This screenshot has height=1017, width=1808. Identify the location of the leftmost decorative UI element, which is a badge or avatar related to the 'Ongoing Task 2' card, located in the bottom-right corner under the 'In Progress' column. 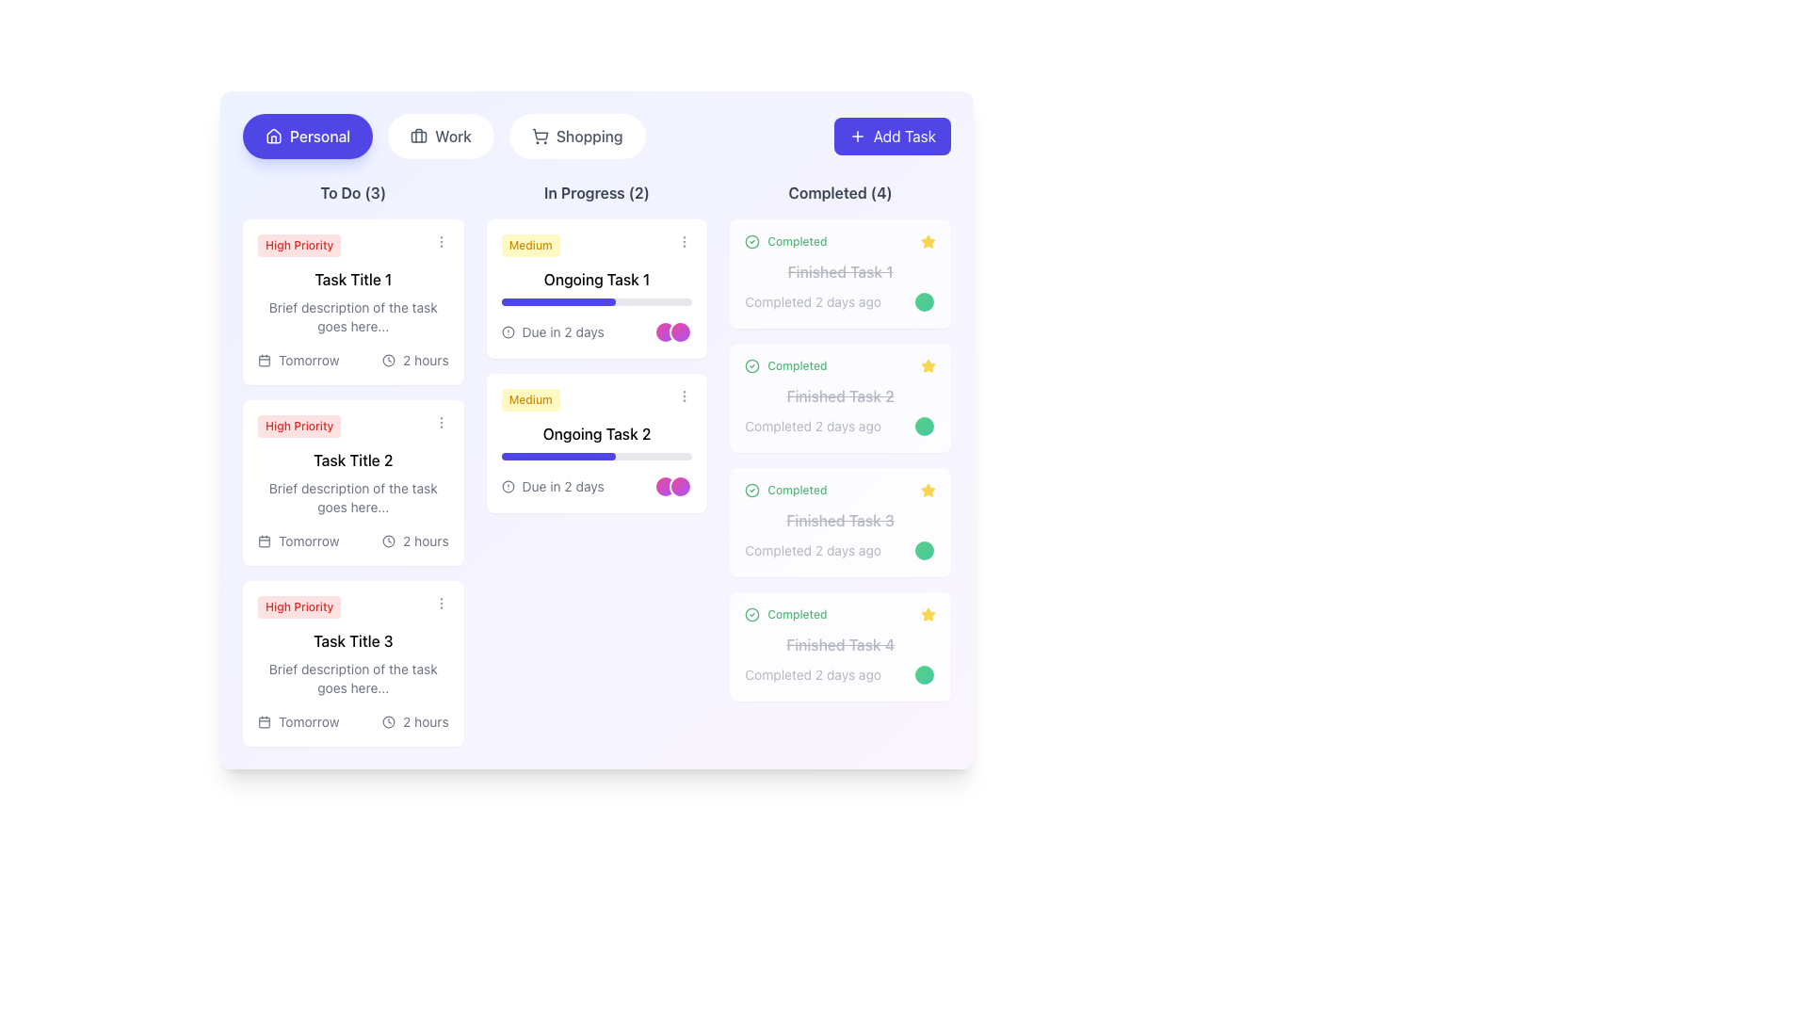
(666, 485).